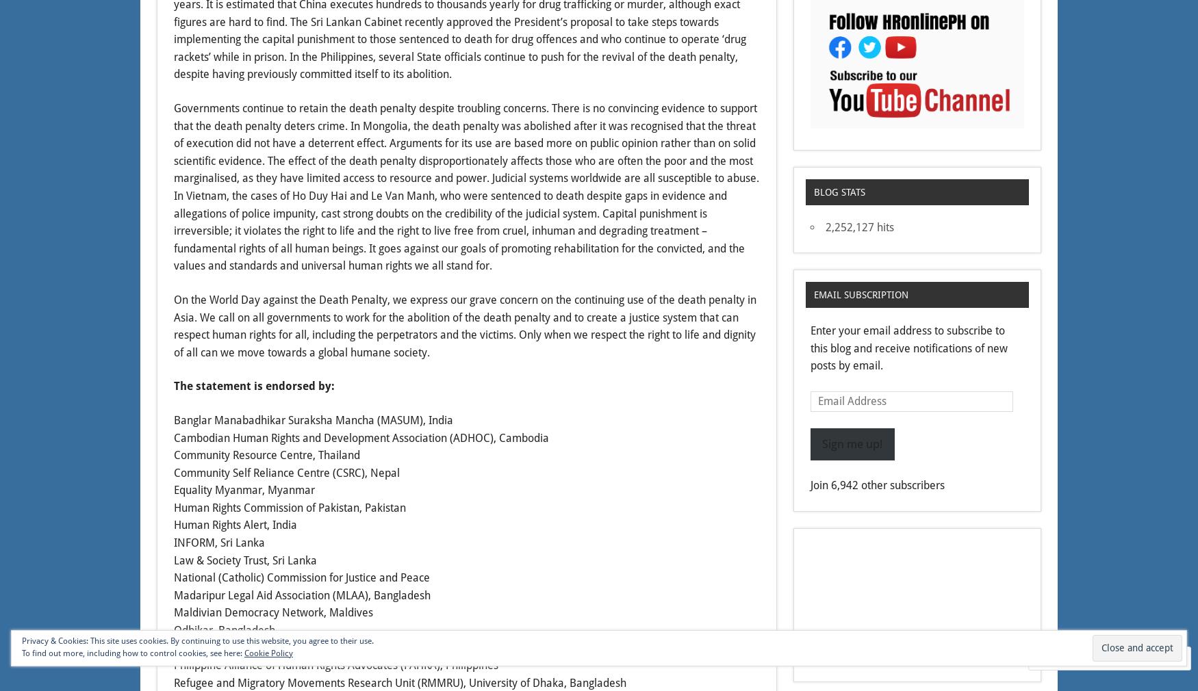 Image resolution: width=1198 pixels, height=691 pixels. What do you see at coordinates (219, 543) in the screenshot?
I see `'INFORM, Sri Lanka'` at bounding box center [219, 543].